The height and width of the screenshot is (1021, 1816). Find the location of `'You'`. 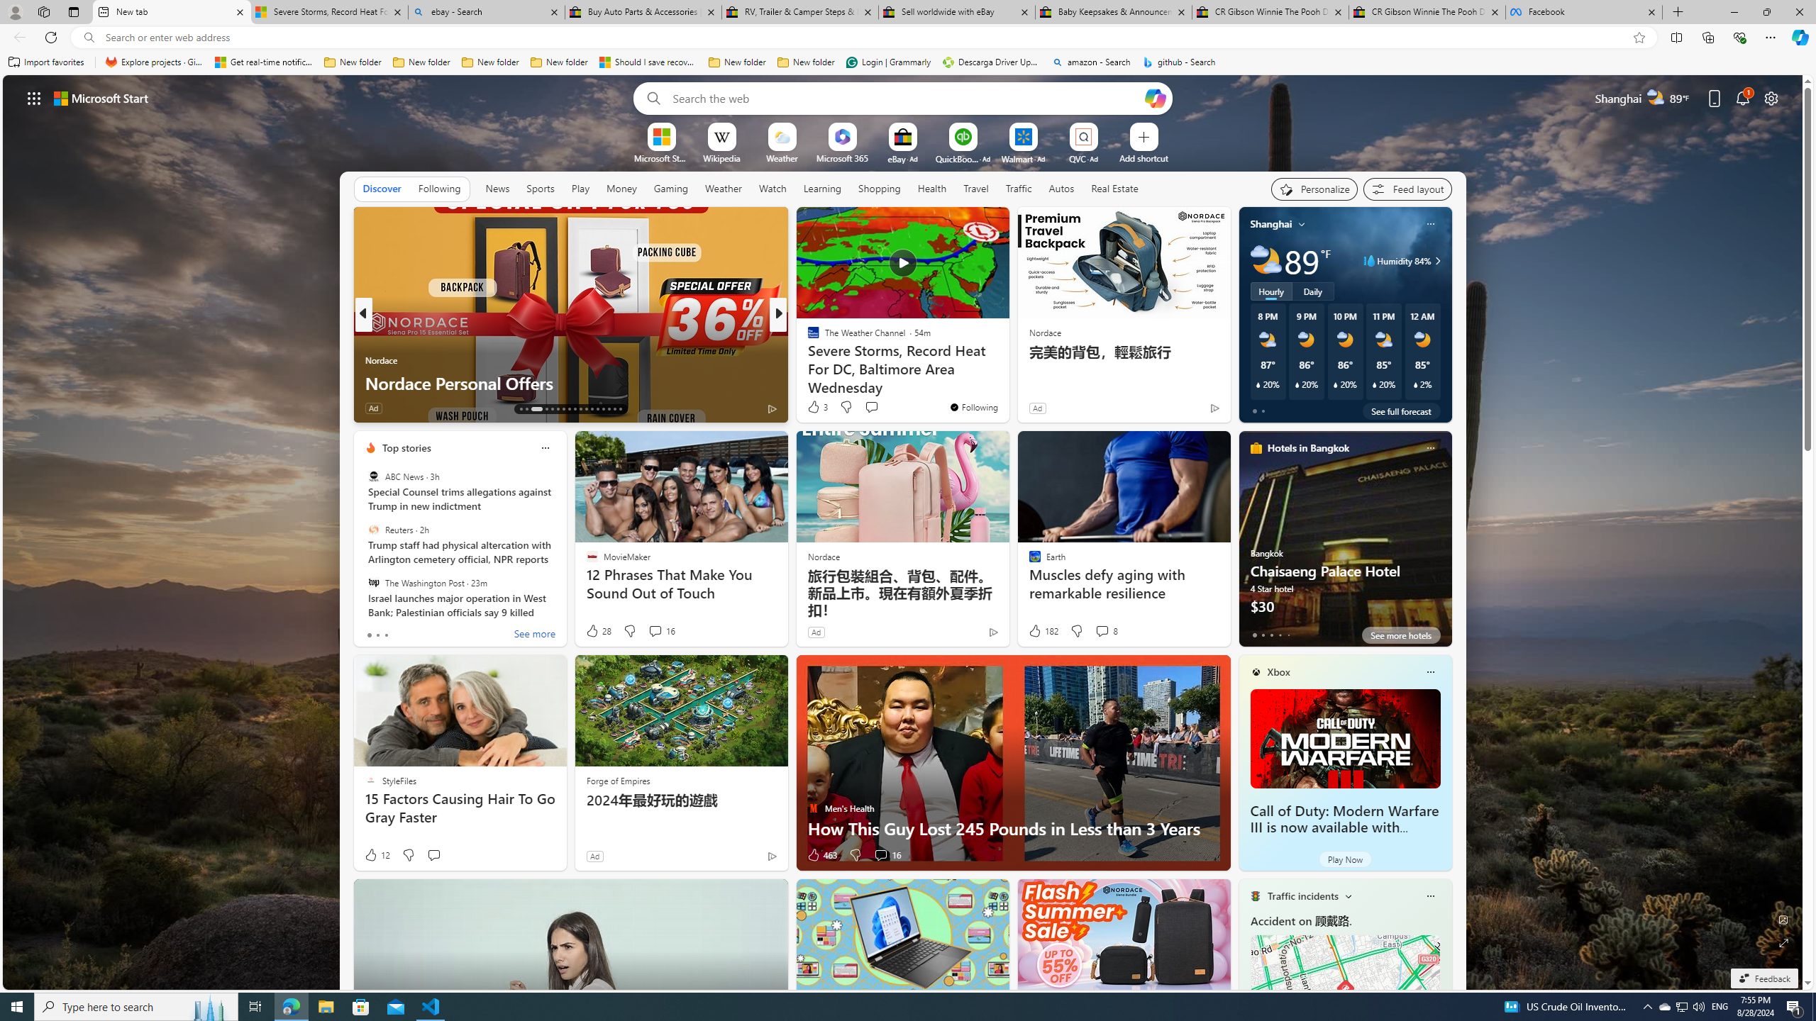

'You' is located at coordinates (973, 407).